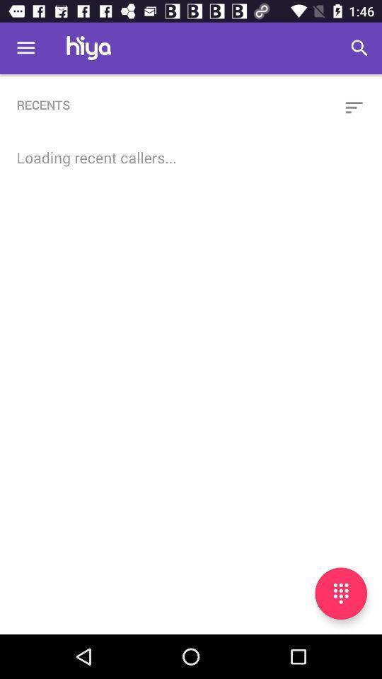 This screenshot has width=382, height=679. Describe the element at coordinates (340, 593) in the screenshot. I see `menu button` at that location.